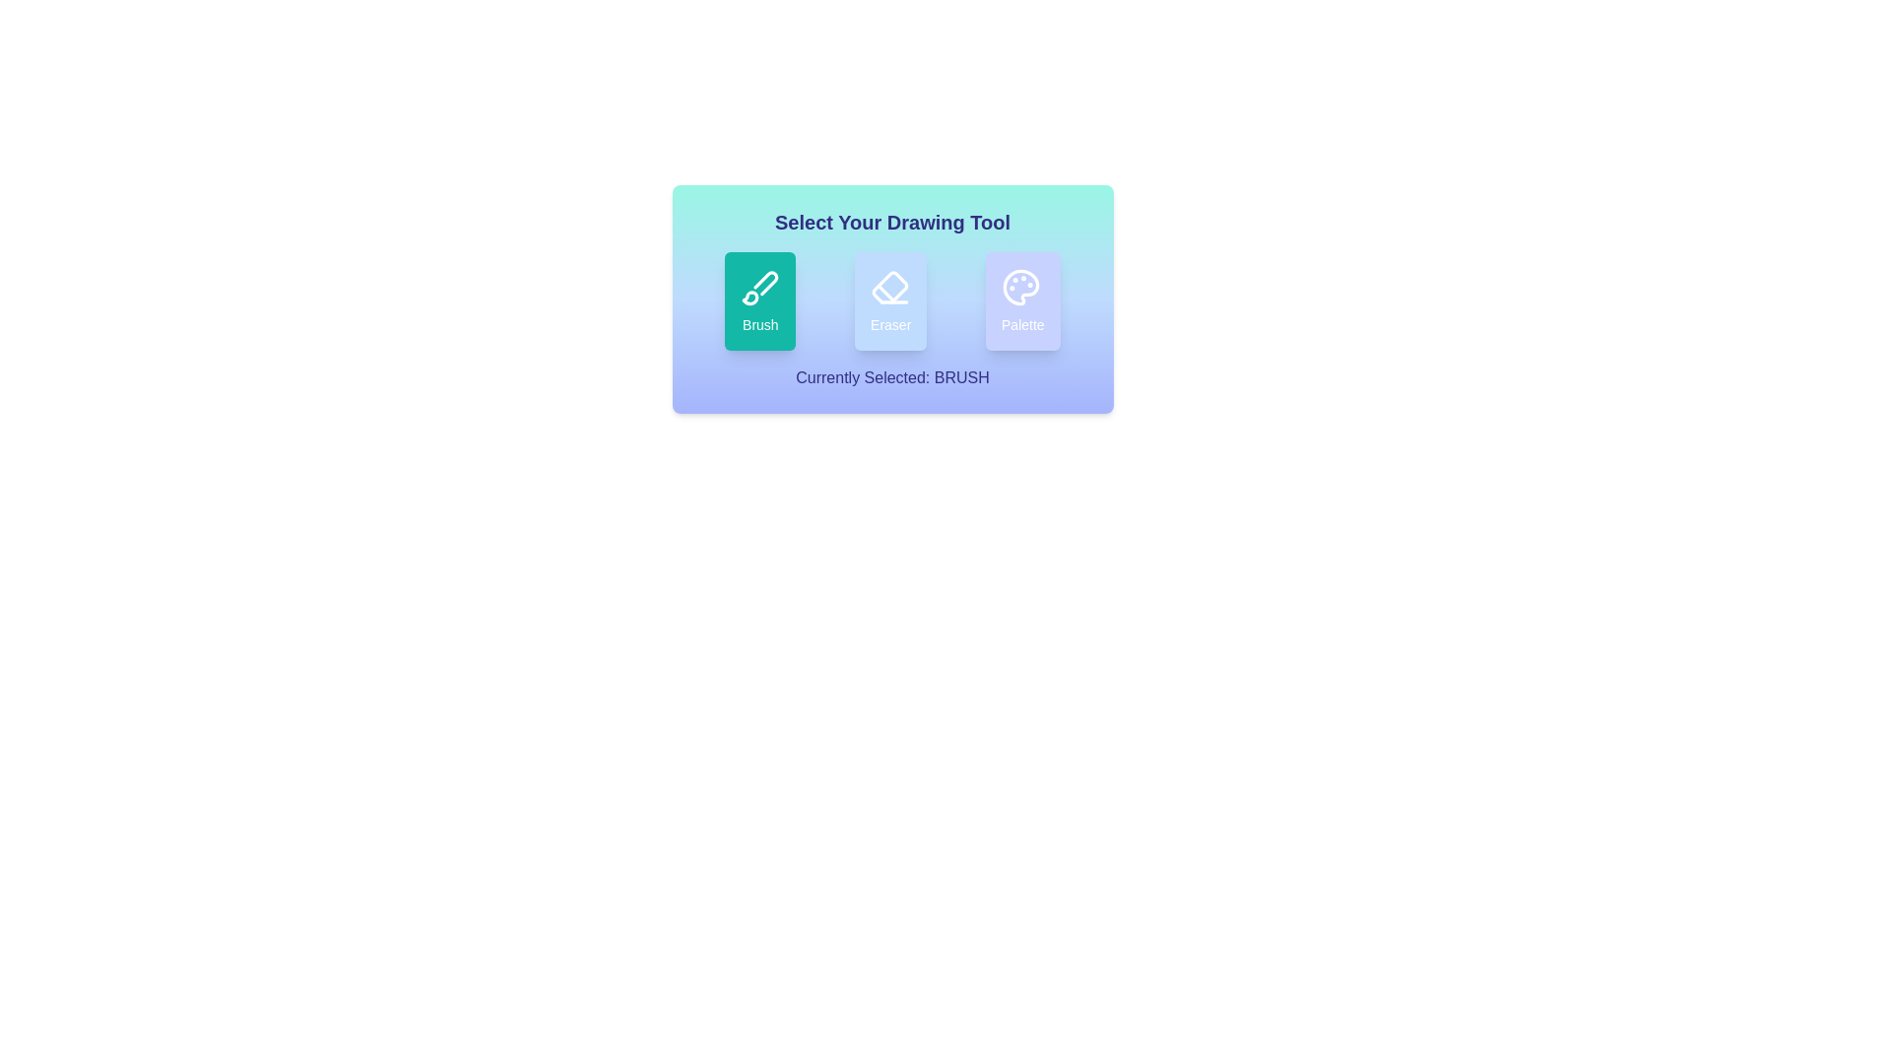  Describe the element at coordinates (759, 300) in the screenshot. I see `the Brush button to select the desired drawing tool` at that location.